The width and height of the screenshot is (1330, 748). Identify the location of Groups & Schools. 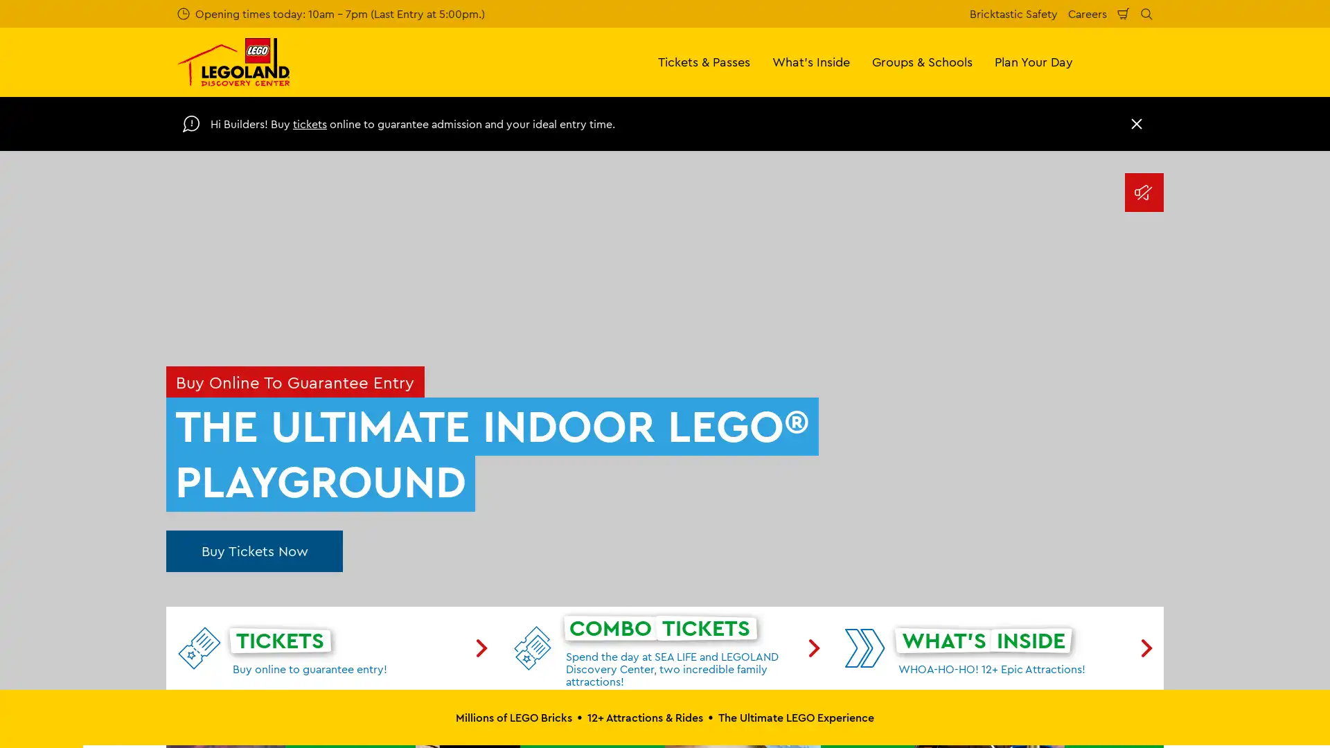
(922, 61).